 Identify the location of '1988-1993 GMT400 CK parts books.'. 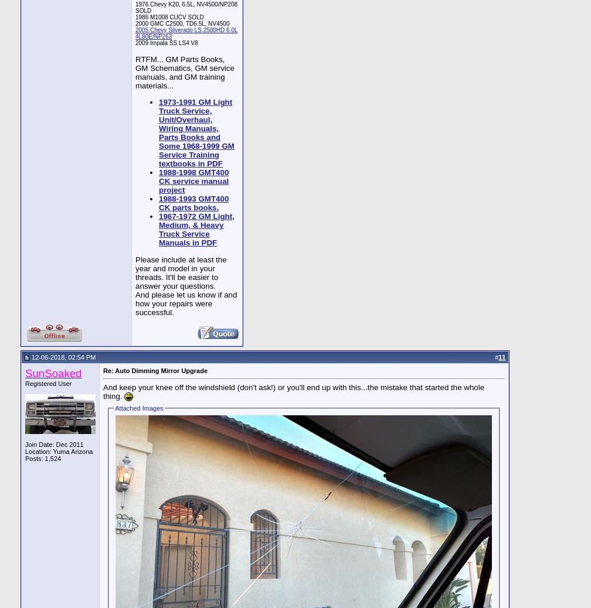
(193, 203).